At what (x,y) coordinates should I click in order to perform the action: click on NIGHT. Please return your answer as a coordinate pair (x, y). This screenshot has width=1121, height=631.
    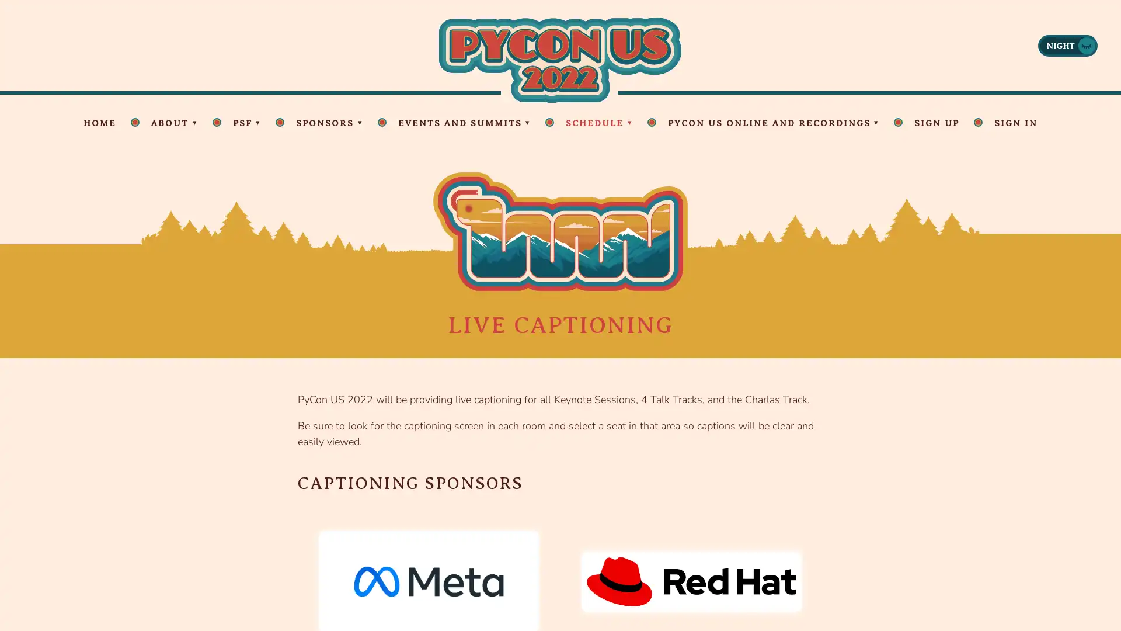
    Looking at the image, I should click on (1067, 44).